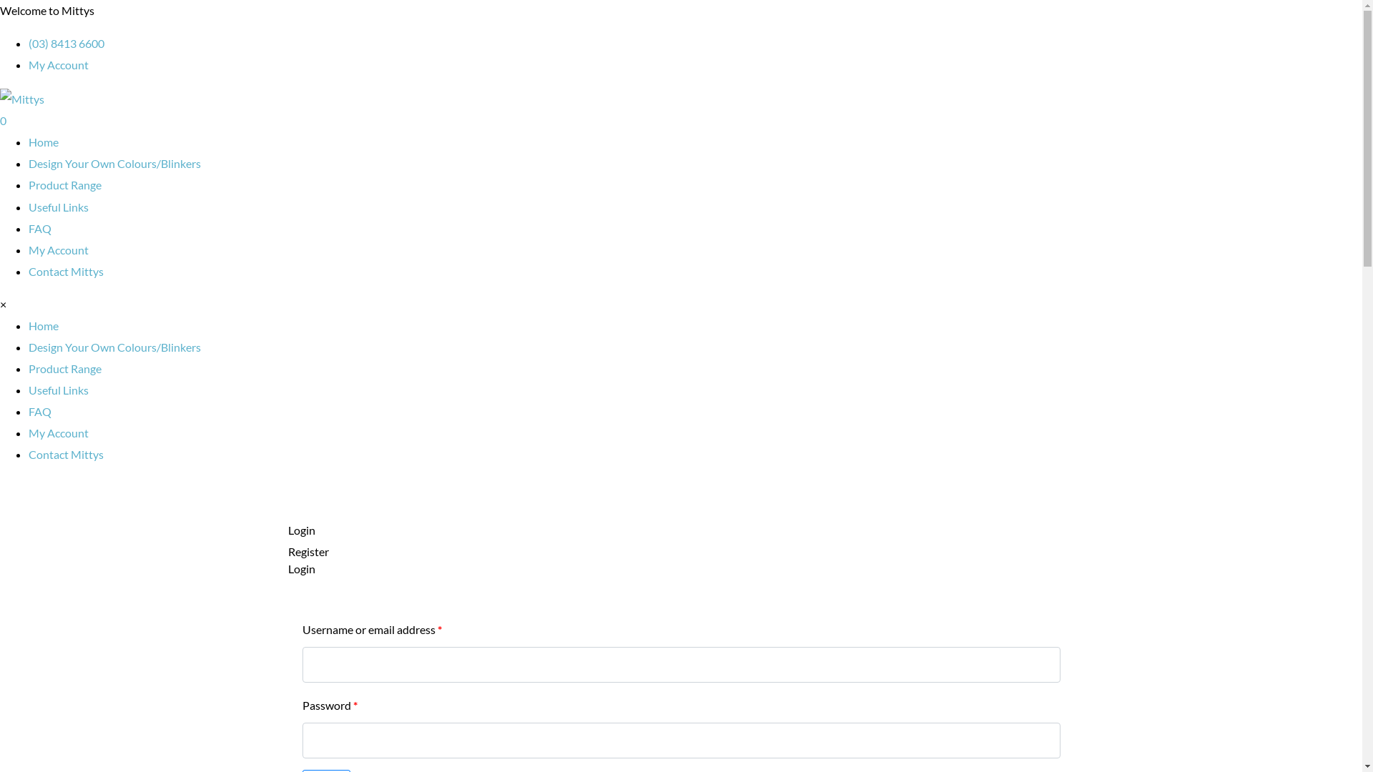  Describe the element at coordinates (44, 142) in the screenshot. I see `'Home'` at that location.